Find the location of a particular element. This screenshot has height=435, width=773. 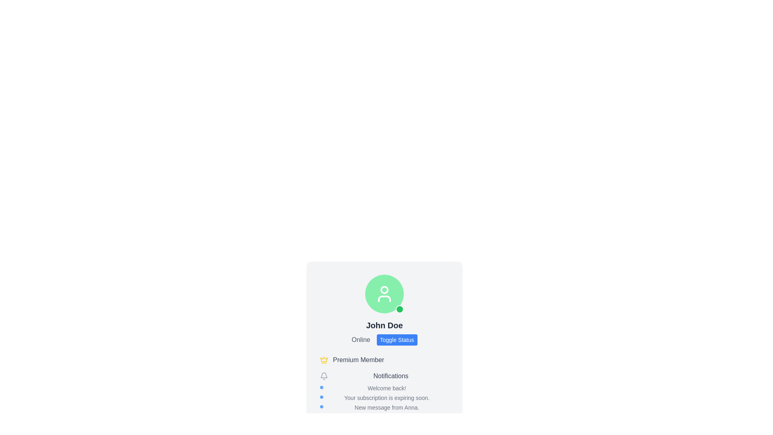

the upper part of the user representation icon, which is the SVG Circle located at the center of the green circular background is located at coordinates (384, 290).